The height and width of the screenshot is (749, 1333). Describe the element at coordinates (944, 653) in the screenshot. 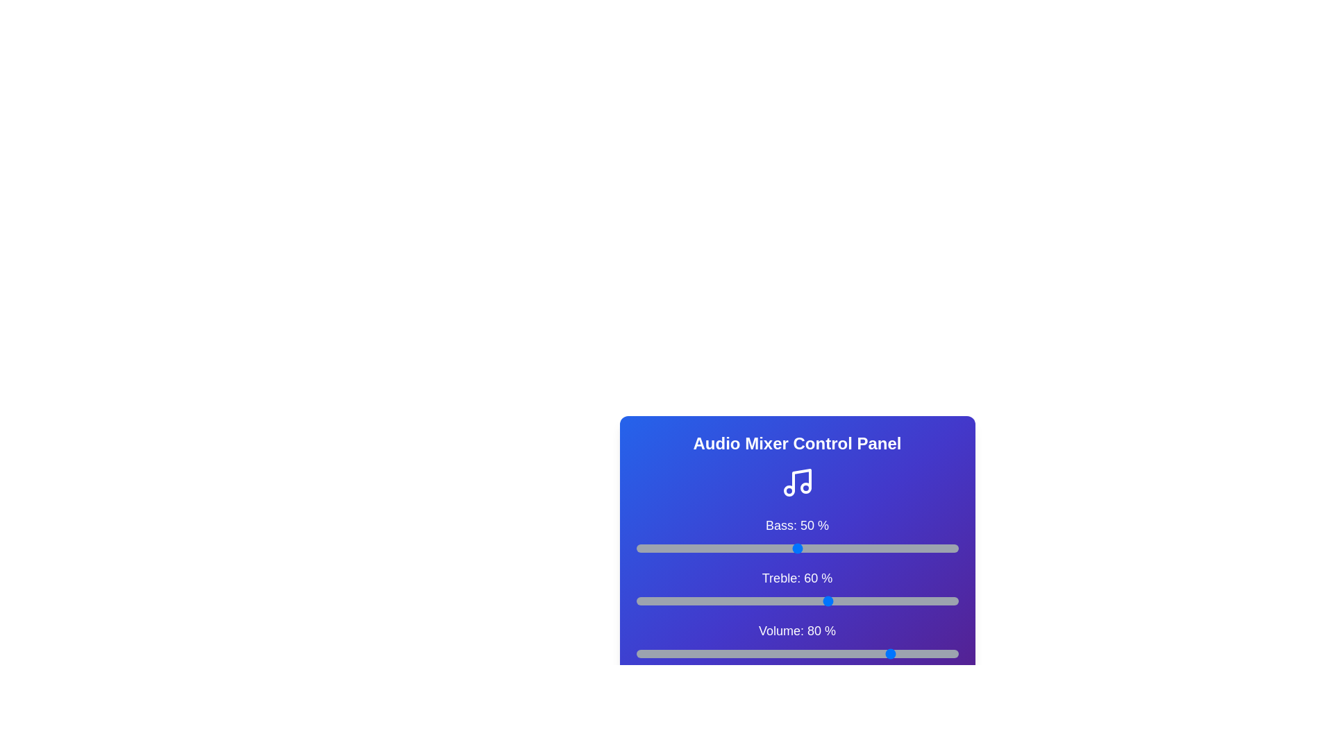

I see `the volume slider to 96%` at that location.